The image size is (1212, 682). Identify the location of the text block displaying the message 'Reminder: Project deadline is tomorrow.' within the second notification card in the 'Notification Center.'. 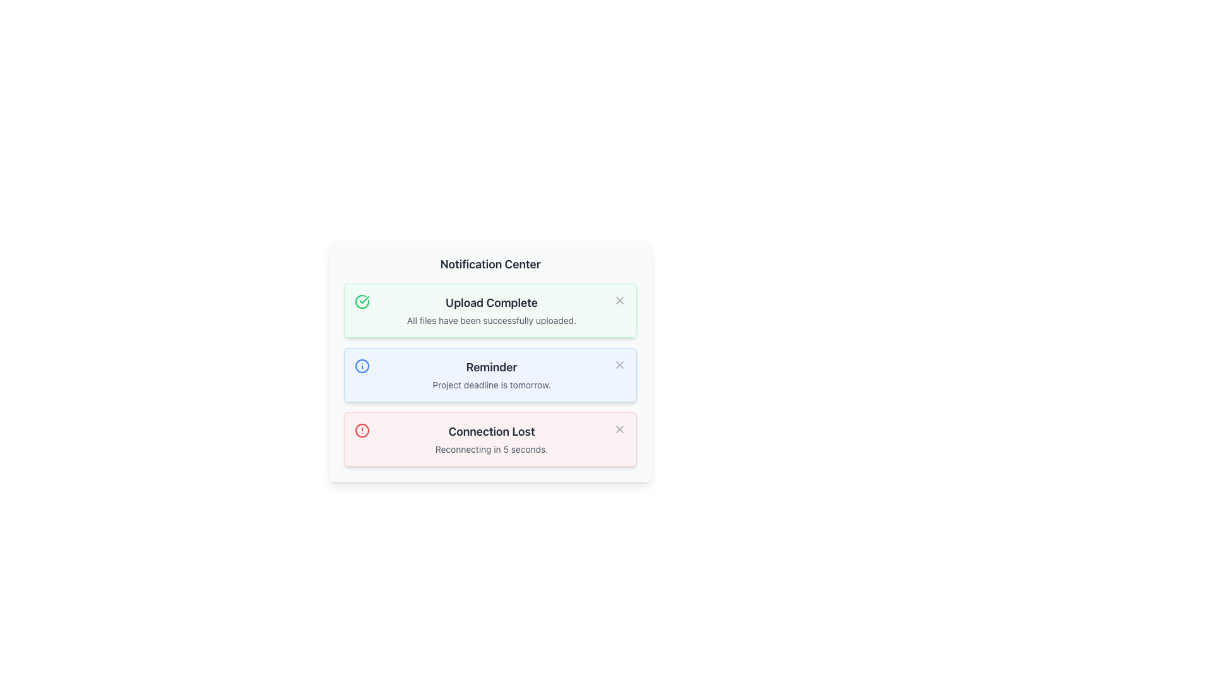
(490, 374).